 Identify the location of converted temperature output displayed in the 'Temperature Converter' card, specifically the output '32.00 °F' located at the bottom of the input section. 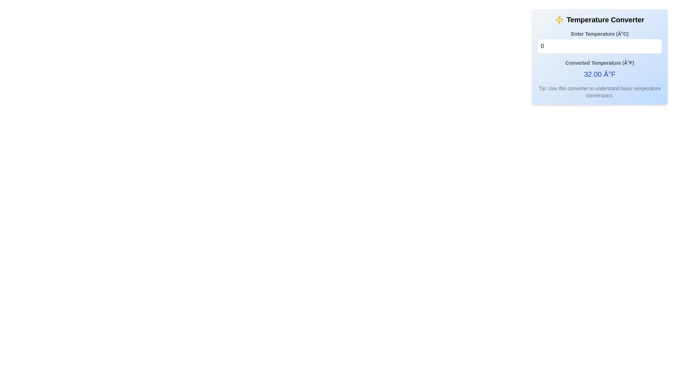
(599, 54).